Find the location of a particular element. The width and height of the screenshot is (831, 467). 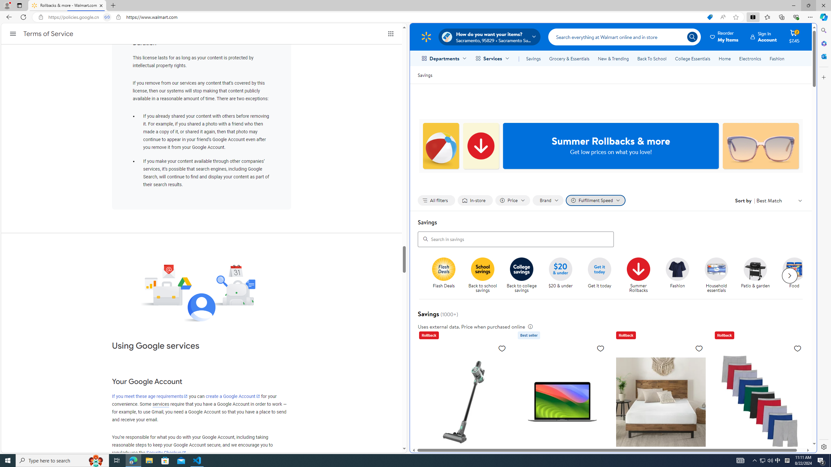

'Filter by Price not applied, activate to change' is located at coordinates (512, 200).